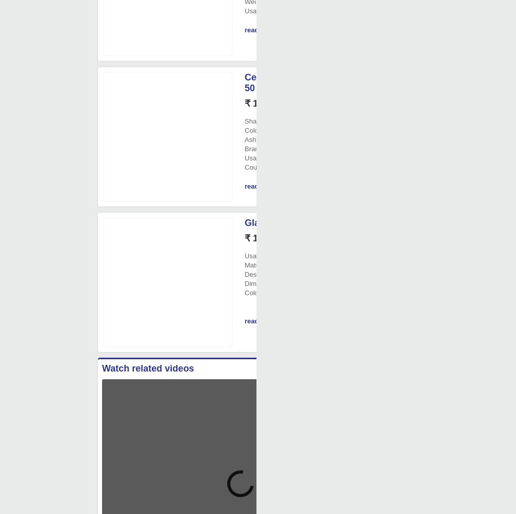 Image resolution: width=516 pixels, height=514 pixels. What do you see at coordinates (257, 238) in the screenshot?
I see `'₹ 130/'` at bounding box center [257, 238].